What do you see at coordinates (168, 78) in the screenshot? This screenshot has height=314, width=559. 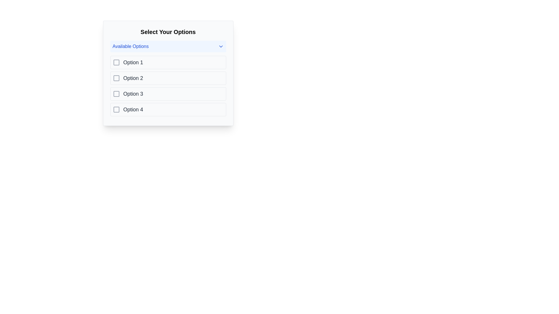 I see `the checkbox labeled 'Option 2'` at bounding box center [168, 78].